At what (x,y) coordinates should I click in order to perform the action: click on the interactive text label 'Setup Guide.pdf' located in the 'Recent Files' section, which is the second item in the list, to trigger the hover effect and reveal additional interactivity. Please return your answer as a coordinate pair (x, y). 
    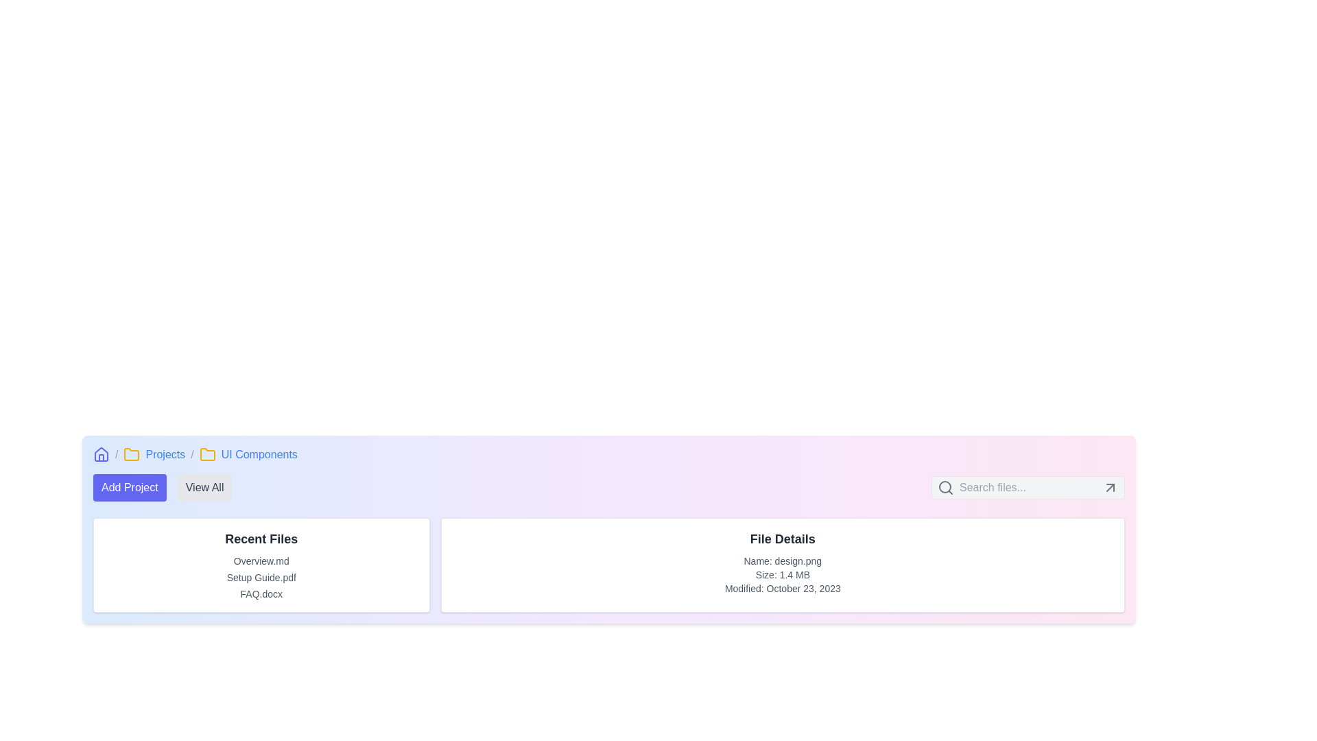
    Looking at the image, I should click on (261, 577).